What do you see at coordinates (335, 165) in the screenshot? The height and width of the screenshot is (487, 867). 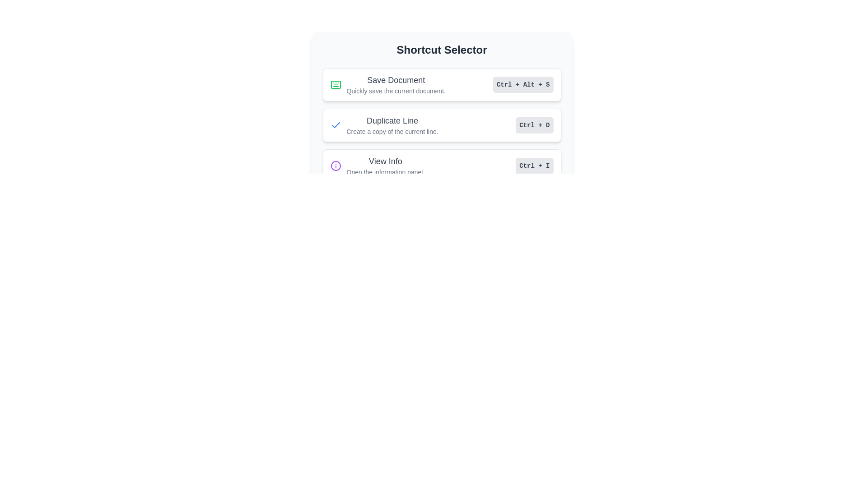 I see `the circular icon with a purple outline located in the 'View Info' button, which is positioned beneath the 'Duplicate Line' button` at bounding box center [335, 165].